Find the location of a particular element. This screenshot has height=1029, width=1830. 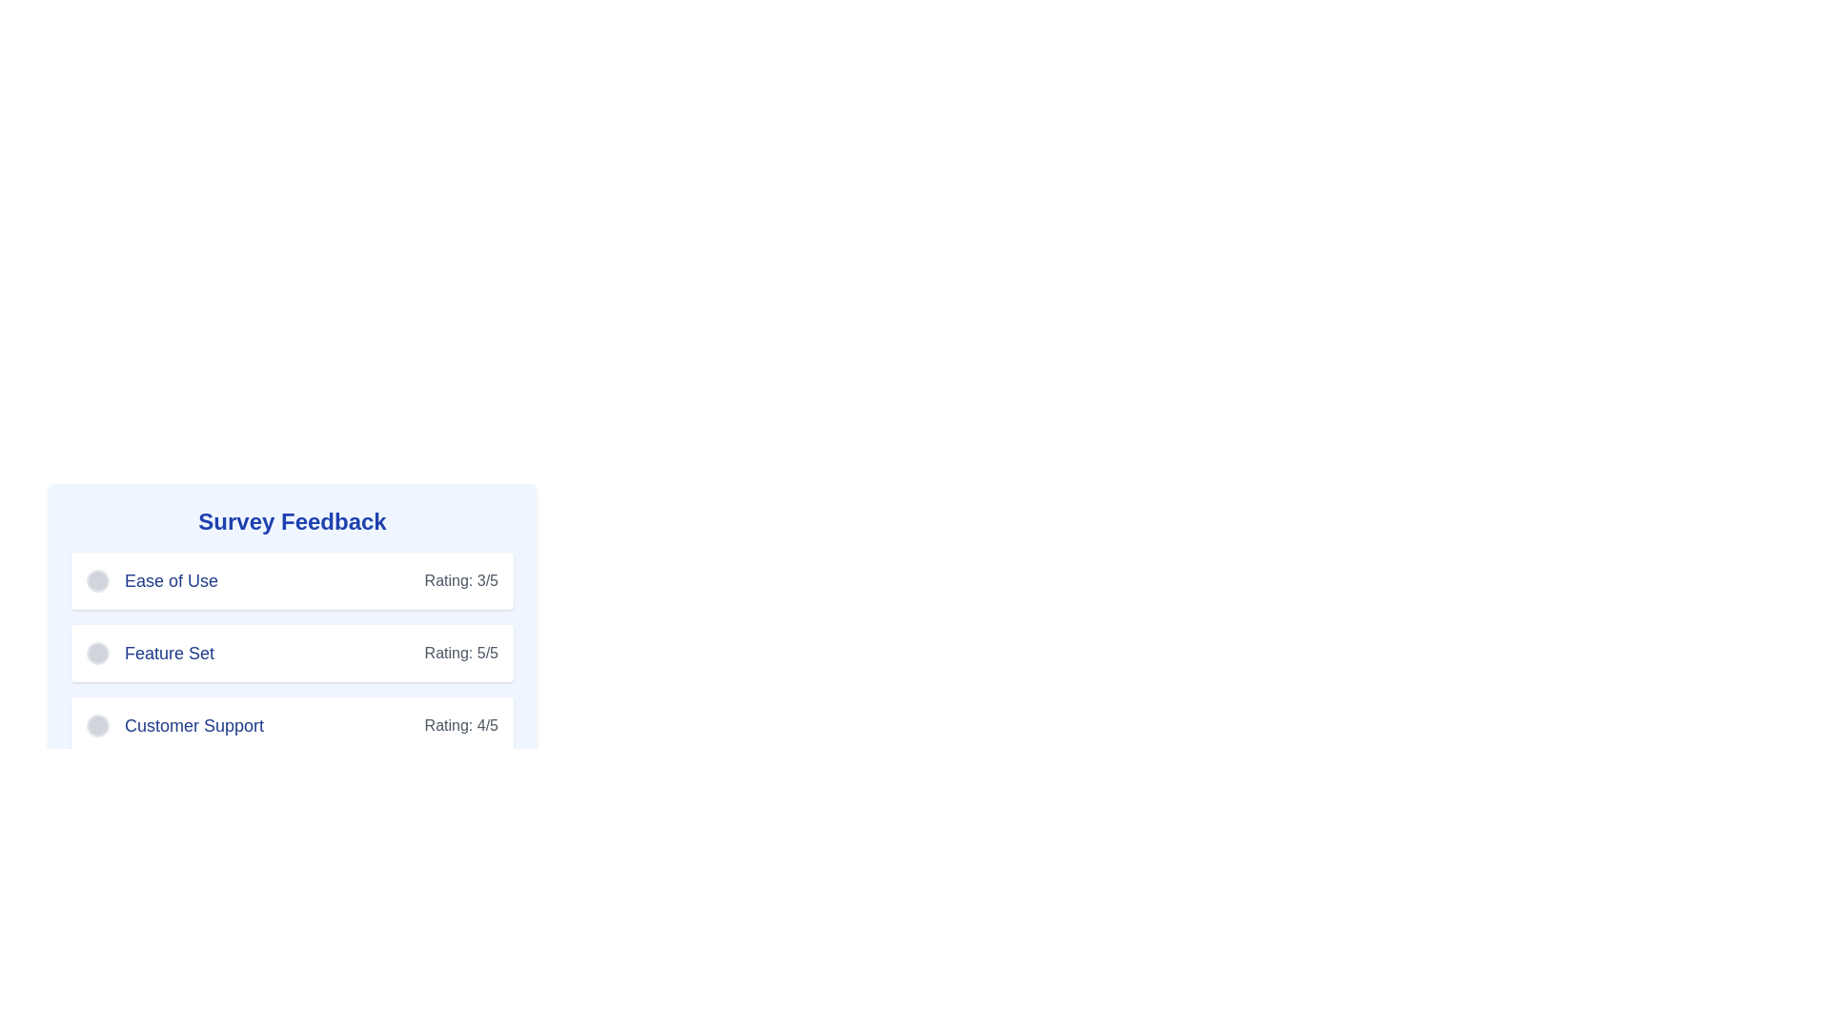

the 'Feature Set' label, which has a gray circular icon on the left and blue bold text on the right, located in the second row of the feedback items under the 'Survey Feedback' section is located at coordinates (150, 653).